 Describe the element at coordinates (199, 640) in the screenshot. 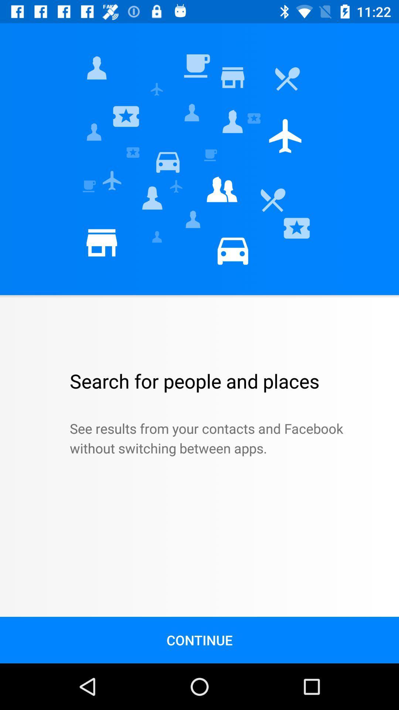

I see `the icon below see results from icon` at that location.